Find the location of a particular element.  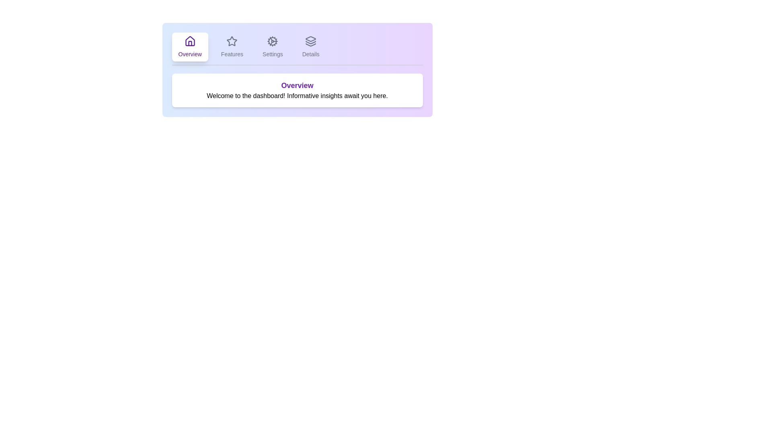

the Overview tab to observe its hover effect is located at coordinates (189, 47).